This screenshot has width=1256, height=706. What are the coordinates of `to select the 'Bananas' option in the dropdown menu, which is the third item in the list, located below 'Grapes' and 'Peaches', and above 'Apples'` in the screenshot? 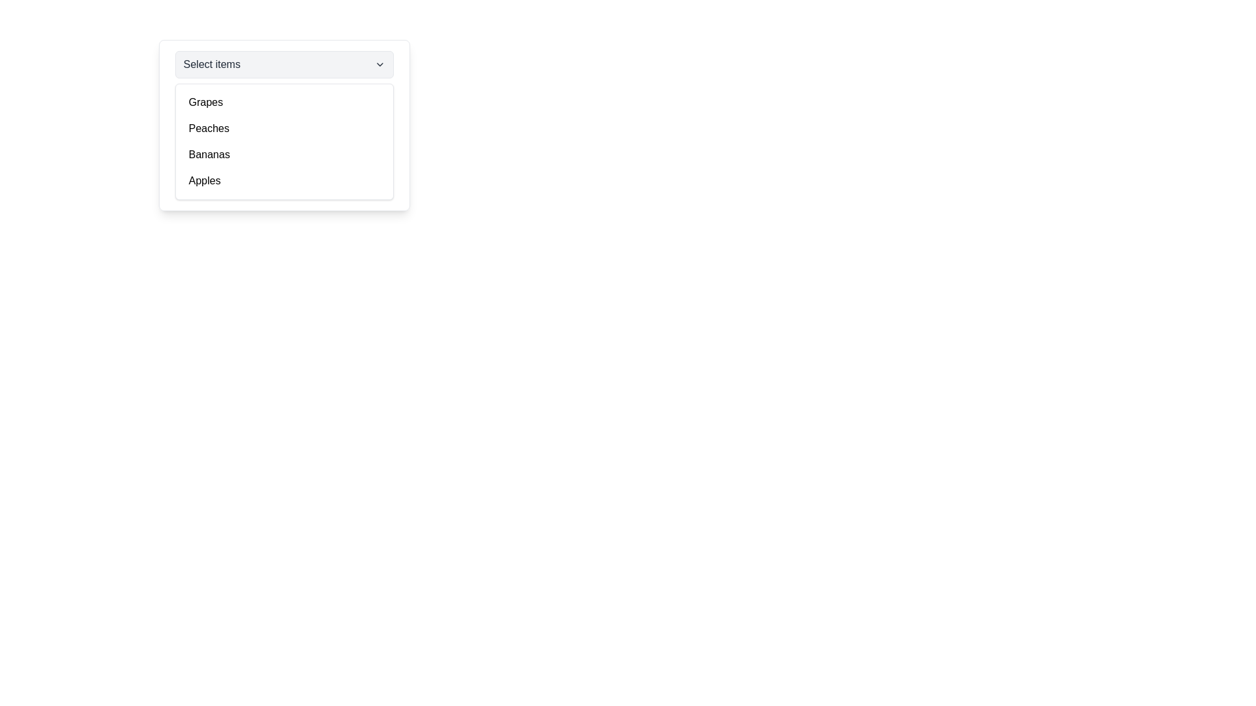 It's located at (209, 154).